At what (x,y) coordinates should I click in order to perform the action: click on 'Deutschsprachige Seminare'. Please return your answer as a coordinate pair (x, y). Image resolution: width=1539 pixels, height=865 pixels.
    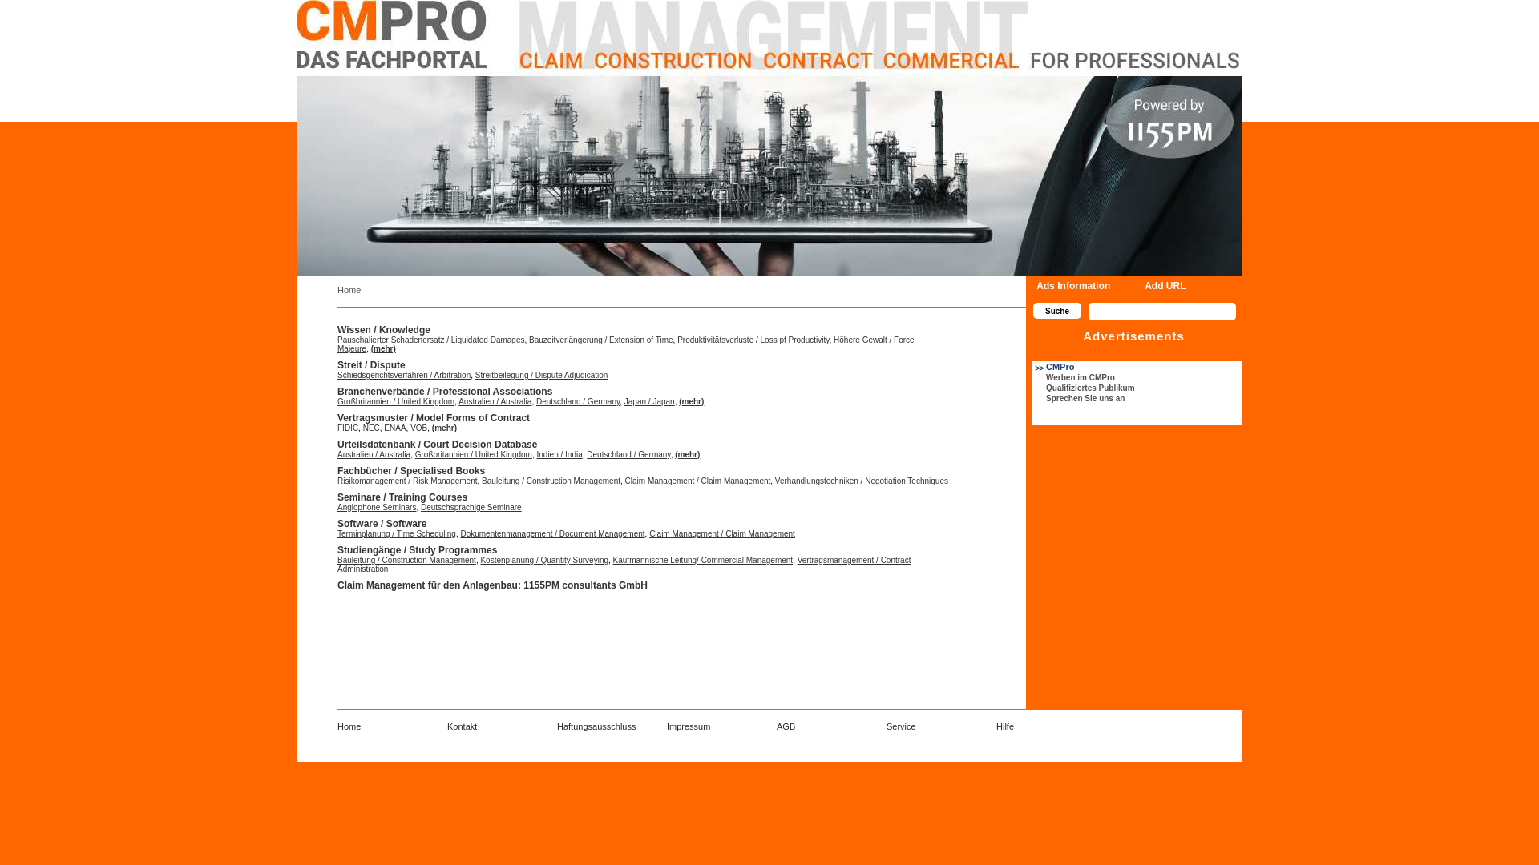
    Looking at the image, I should click on (471, 507).